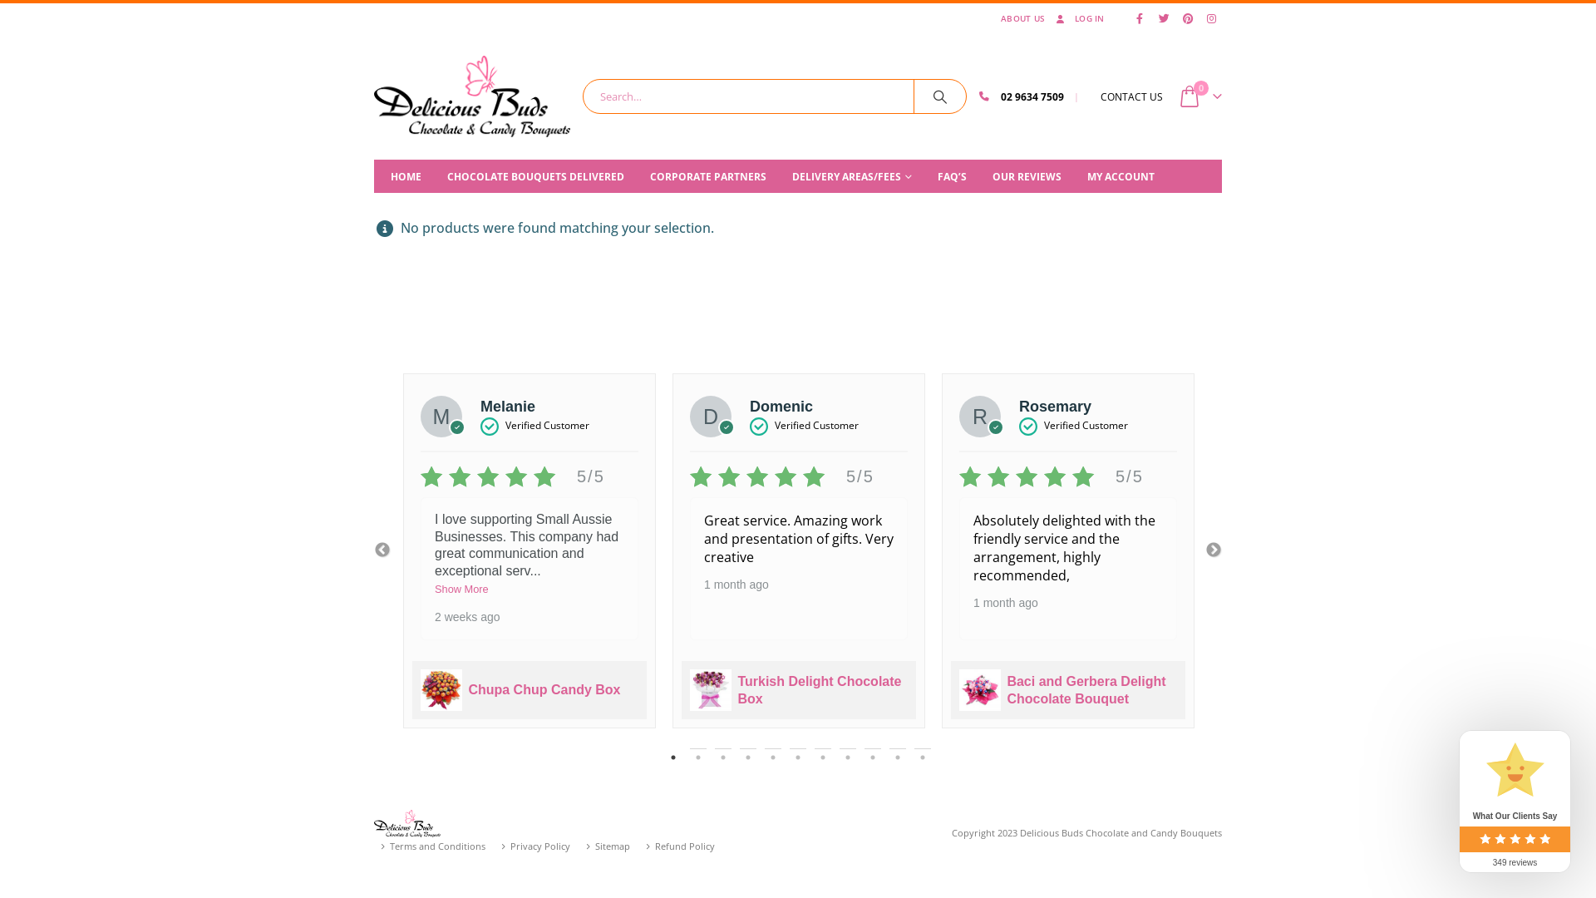 Image resolution: width=1596 pixels, height=898 pixels. I want to click on 'Previous', so click(382, 550).